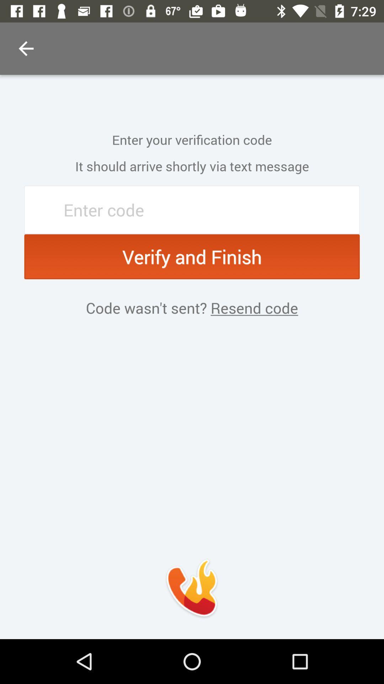 Image resolution: width=384 pixels, height=684 pixels. Describe the element at coordinates (252, 308) in the screenshot. I see `item below verify and finish` at that location.